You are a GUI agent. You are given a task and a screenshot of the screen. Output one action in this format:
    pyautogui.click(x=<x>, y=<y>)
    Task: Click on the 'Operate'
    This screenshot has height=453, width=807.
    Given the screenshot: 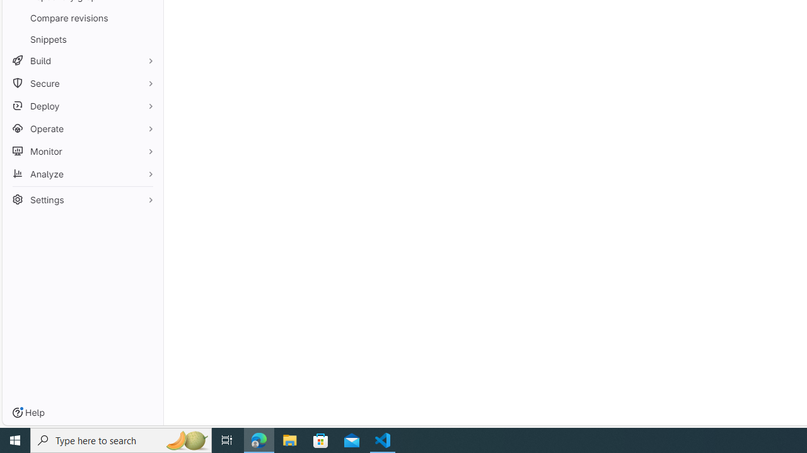 What is the action you would take?
    pyautogui.click(x=82, y=128)
    